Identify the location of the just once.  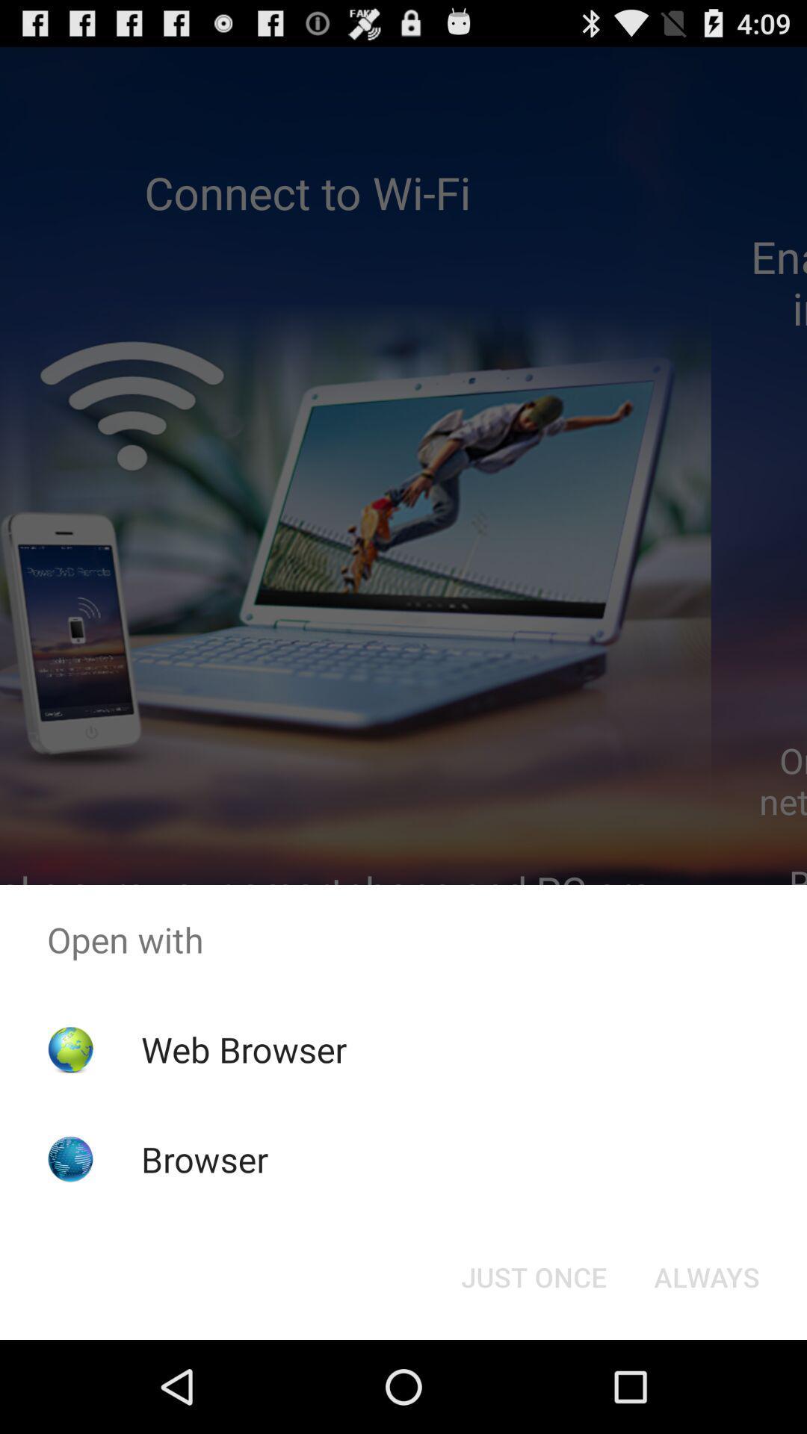
(533, 1276).